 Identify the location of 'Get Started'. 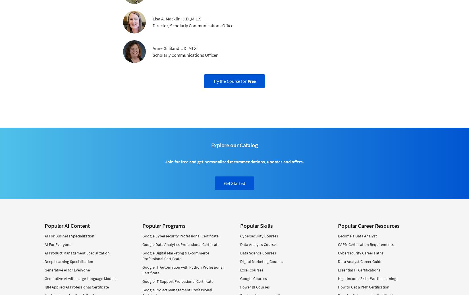
(234, 183).